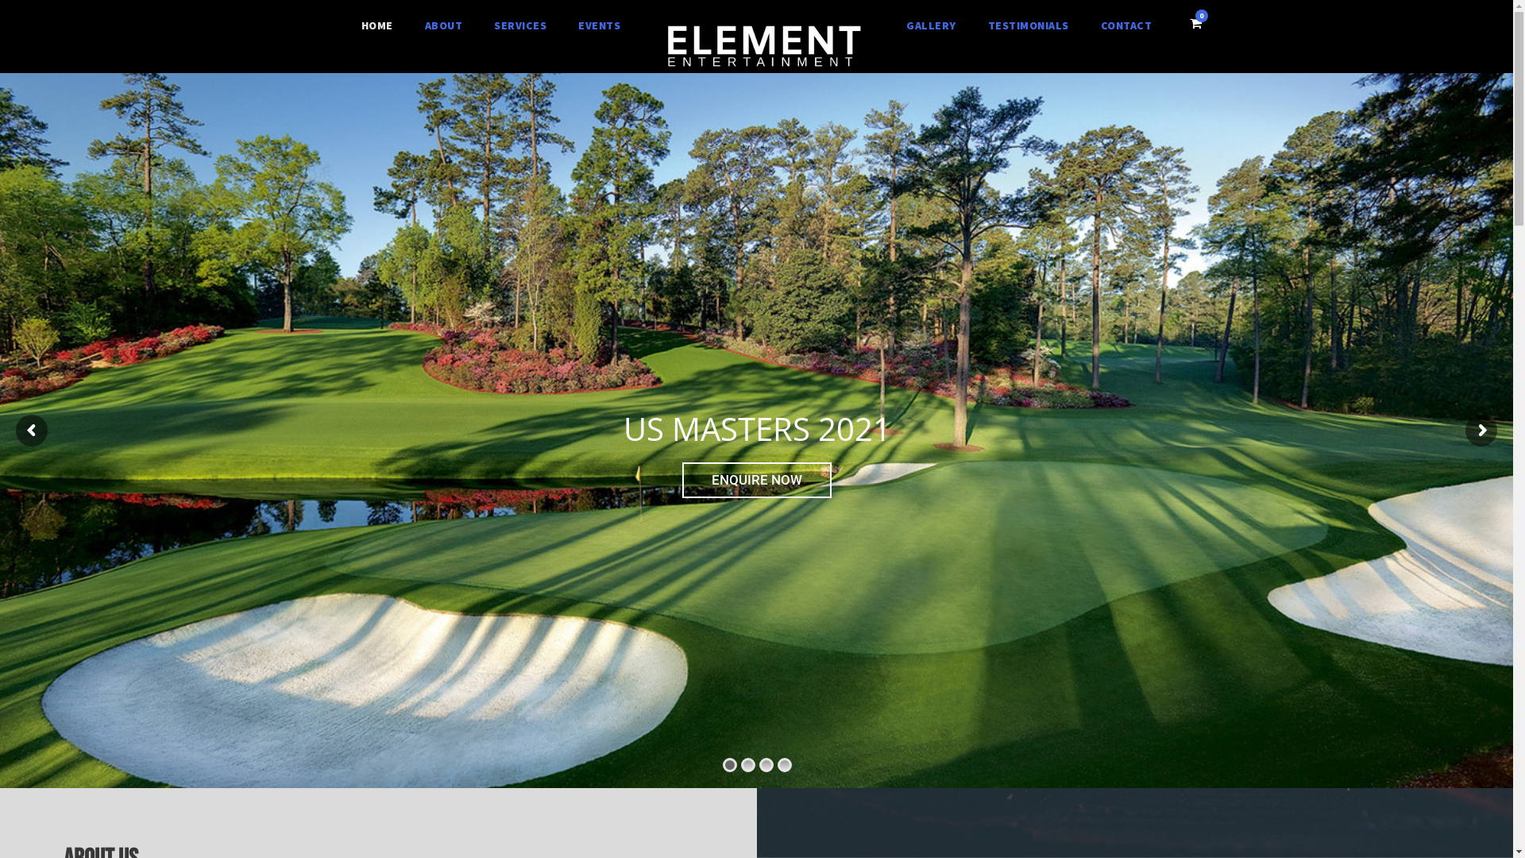 The height and width of the screenshot is (858, 1525). I want to click on 'ABOUT', so click(443, 26).